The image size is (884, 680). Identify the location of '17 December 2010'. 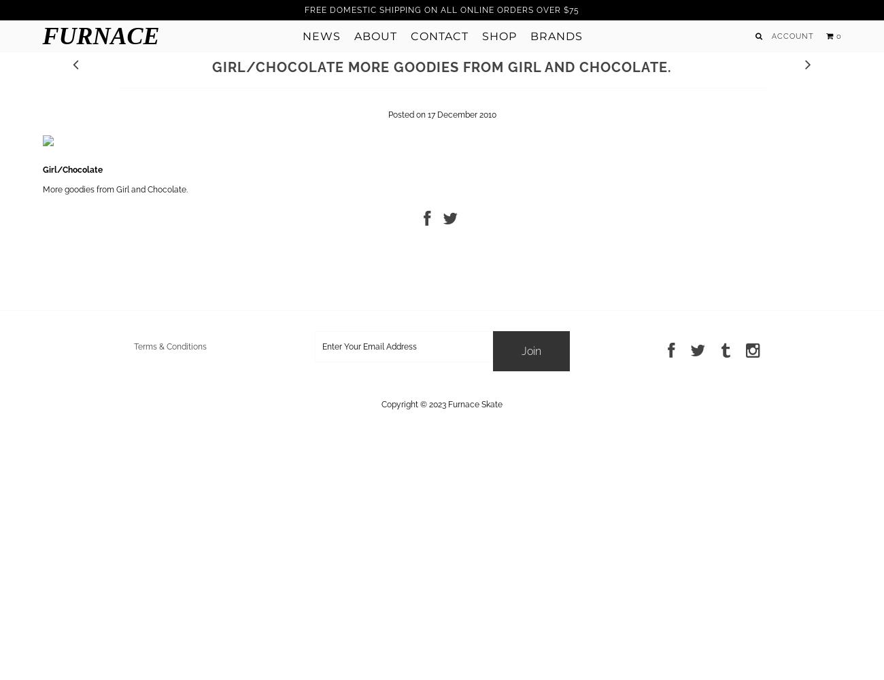
(460, 115).